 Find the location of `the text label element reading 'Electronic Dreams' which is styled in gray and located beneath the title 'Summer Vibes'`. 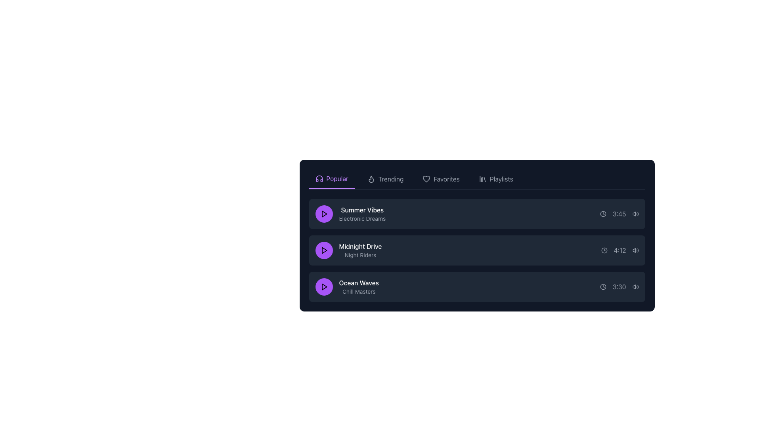

the text label element reading 'Electronic Dreams' which is styled in gray and located beneath the title 'Summer Vibes' is located at coordinates (362, 218).